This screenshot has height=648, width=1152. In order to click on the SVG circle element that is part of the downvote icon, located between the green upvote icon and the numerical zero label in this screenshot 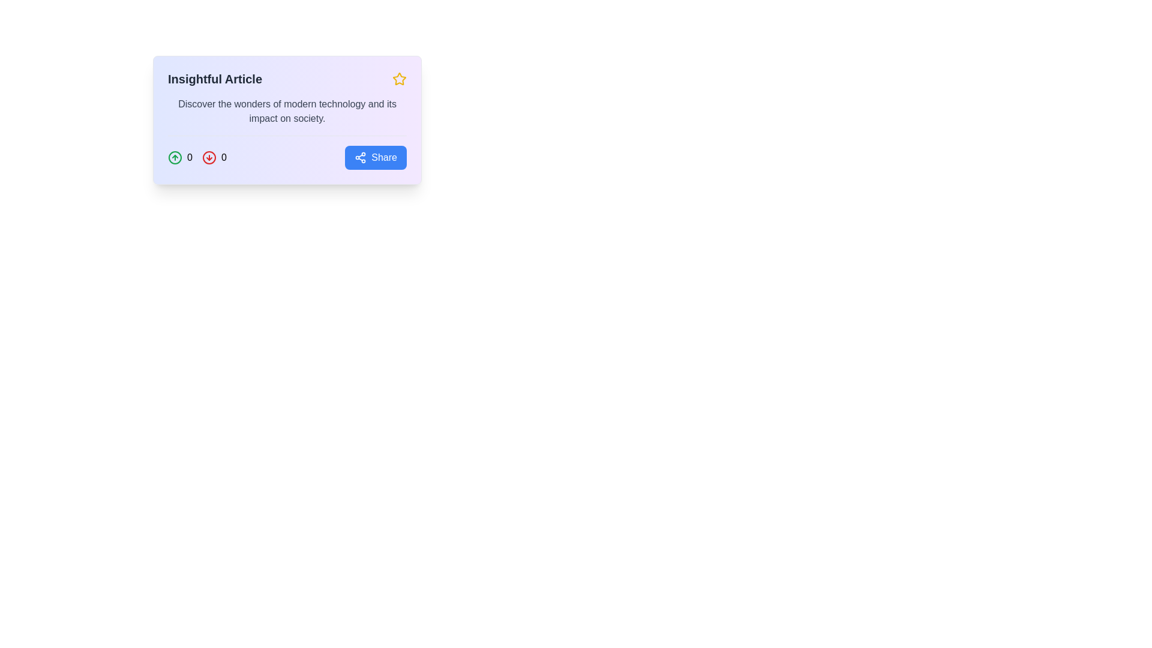, I will do `click(209, 157)`.